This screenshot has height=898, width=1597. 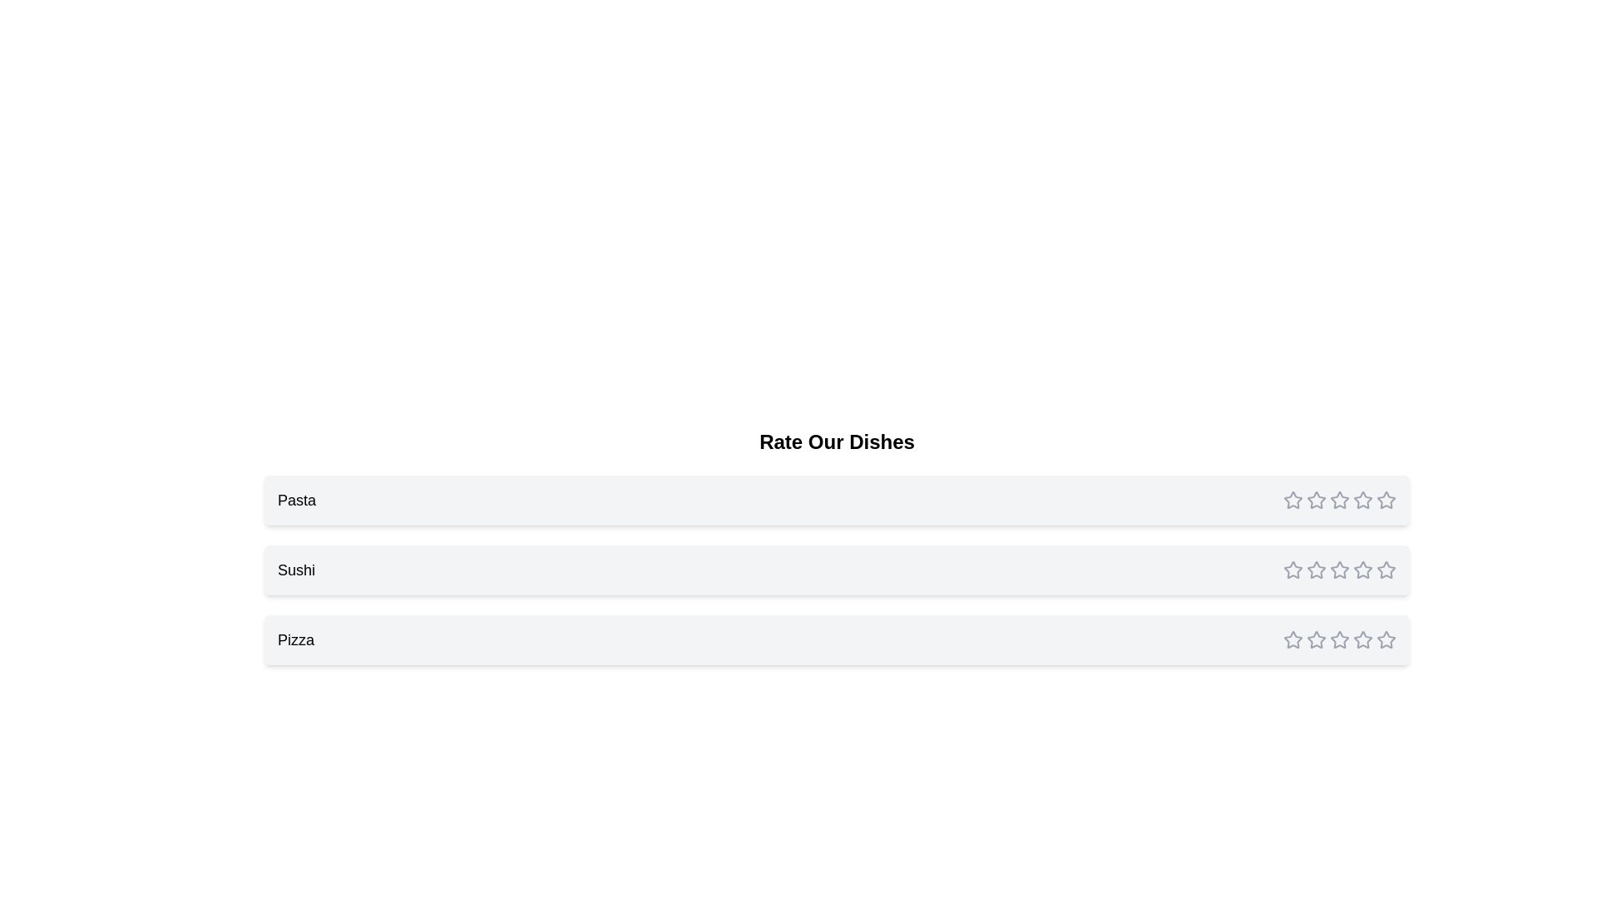 What do you see at coordinates (1293, 499) in the screenshot?
I see `the first interactive star icon in the Sushi rating section to rate the item` at bounding box center [1293, 499].